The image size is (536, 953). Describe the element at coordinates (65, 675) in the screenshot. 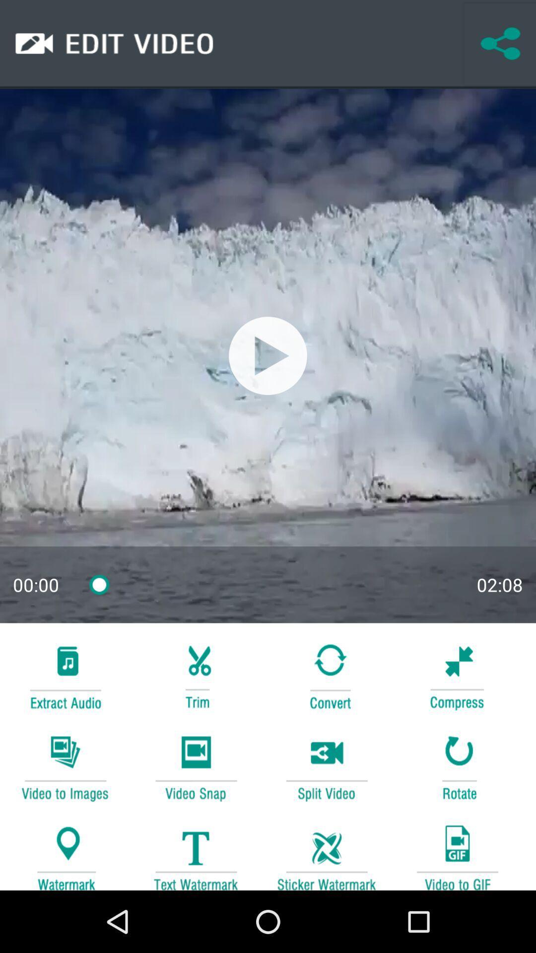

I see `audio button` at that location.